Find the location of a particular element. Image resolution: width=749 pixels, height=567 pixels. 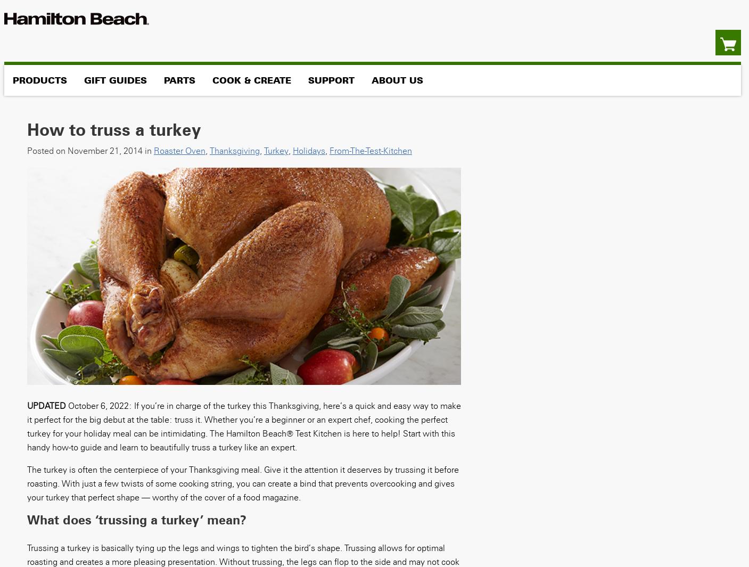

'What does ‘trussing a turkey’ mean?' is located at coordinates (26, 519).